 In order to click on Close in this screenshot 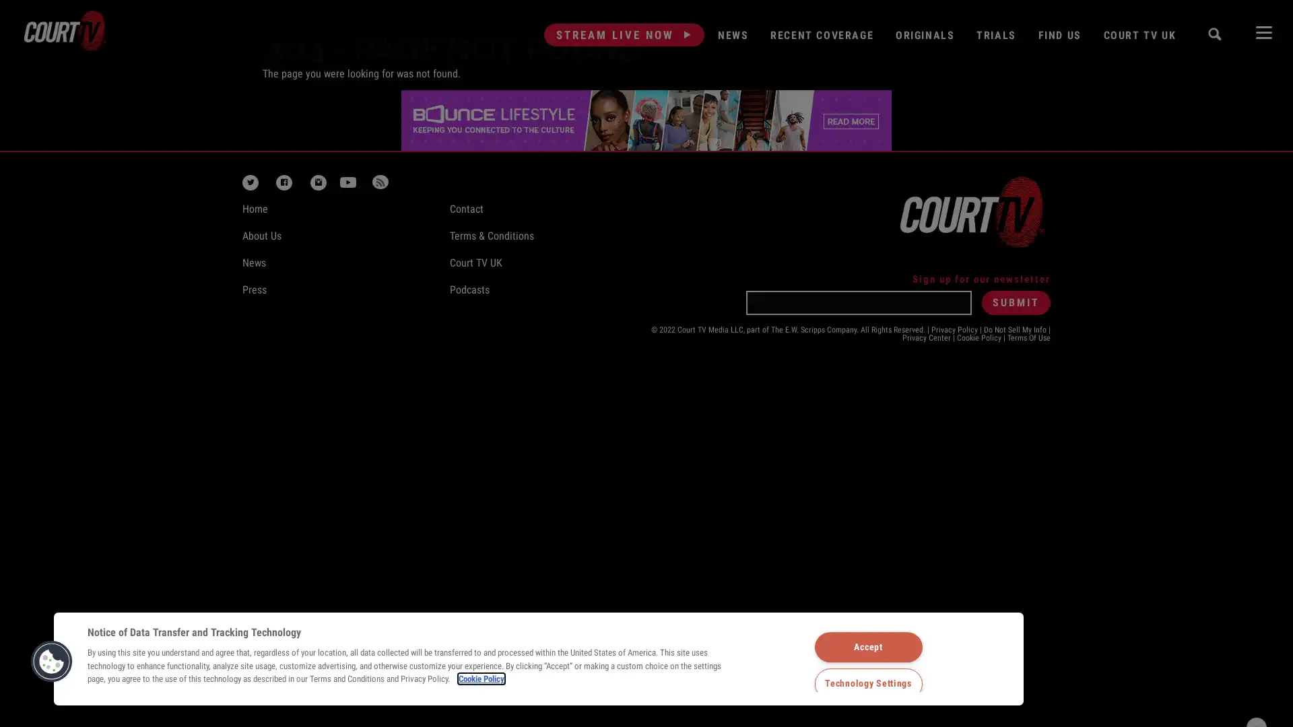, I will do `click(1256, 656)`.